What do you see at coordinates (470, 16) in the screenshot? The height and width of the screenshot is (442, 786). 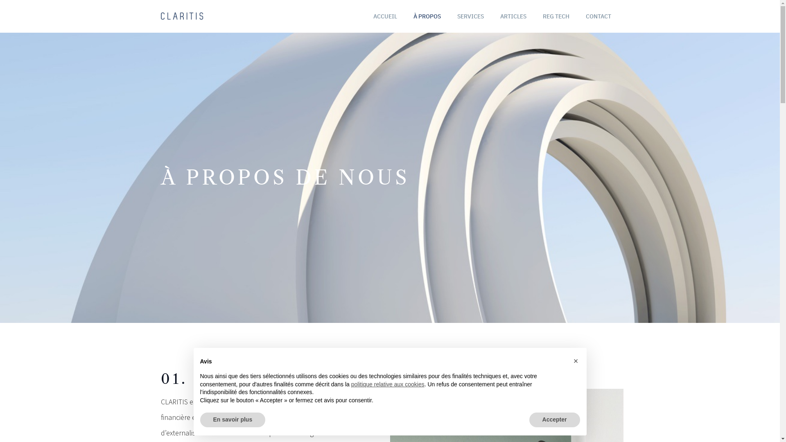 I see `'SERVICES'` at bounding box center [470, 16].